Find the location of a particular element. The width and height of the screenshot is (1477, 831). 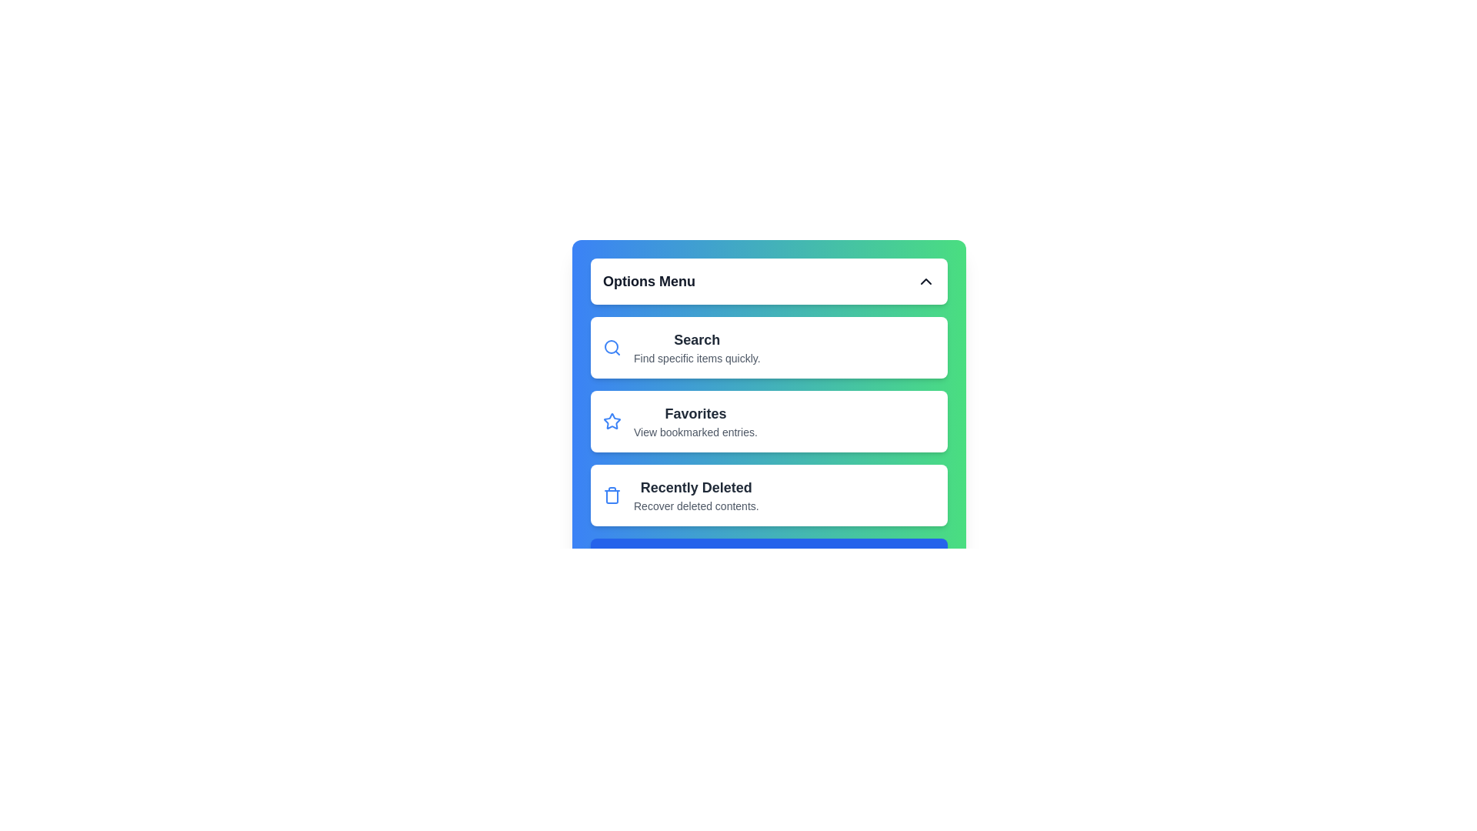

the rectangular icon with curved edges located within the trash can SVG element in the 'Recently Deleted' section of the options menu is located at coordinates (612, 496).